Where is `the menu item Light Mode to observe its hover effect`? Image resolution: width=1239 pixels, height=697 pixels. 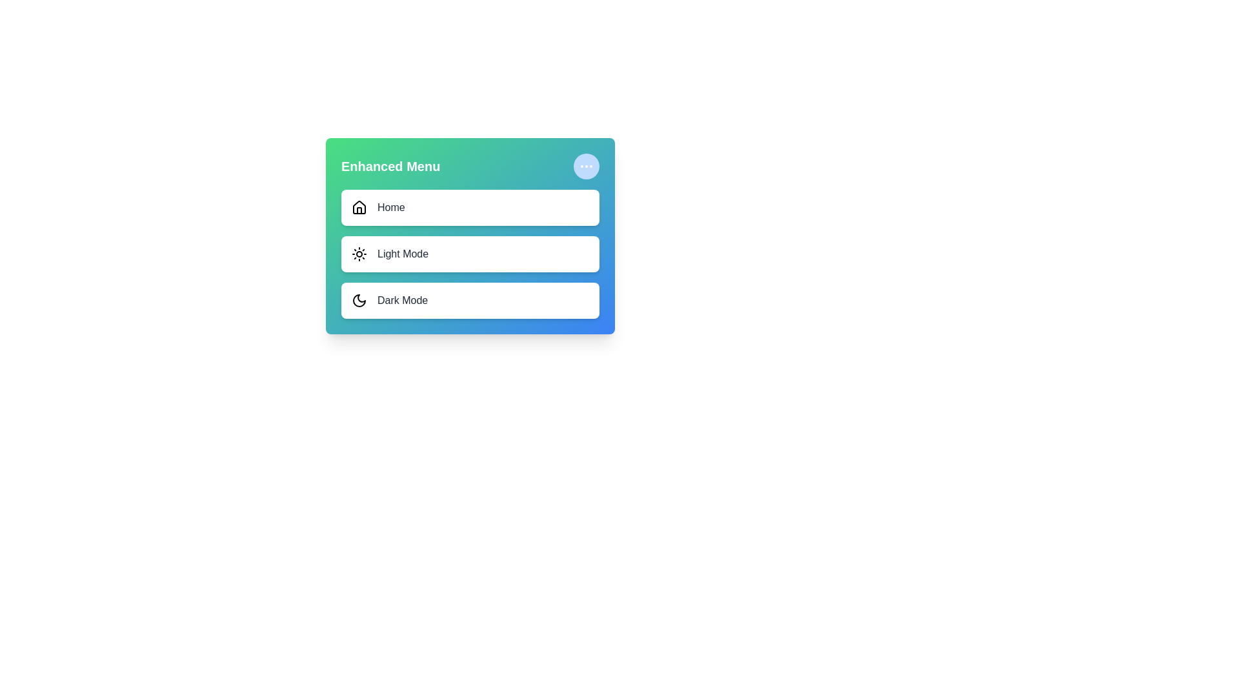 the menu item Light Mode to observe its hover effect is located at coordinates (470, 254).